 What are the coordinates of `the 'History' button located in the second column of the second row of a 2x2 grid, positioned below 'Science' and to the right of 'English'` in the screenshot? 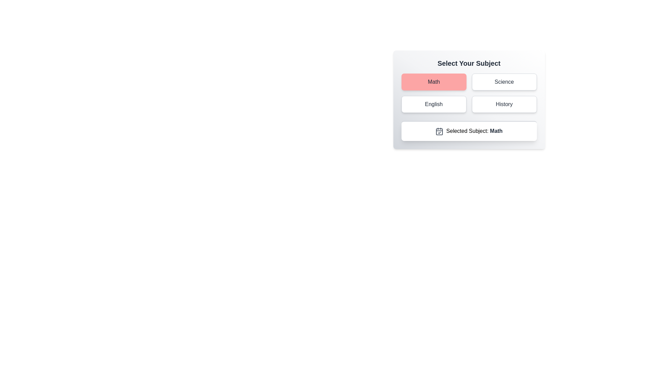 It's located at (504, 104).